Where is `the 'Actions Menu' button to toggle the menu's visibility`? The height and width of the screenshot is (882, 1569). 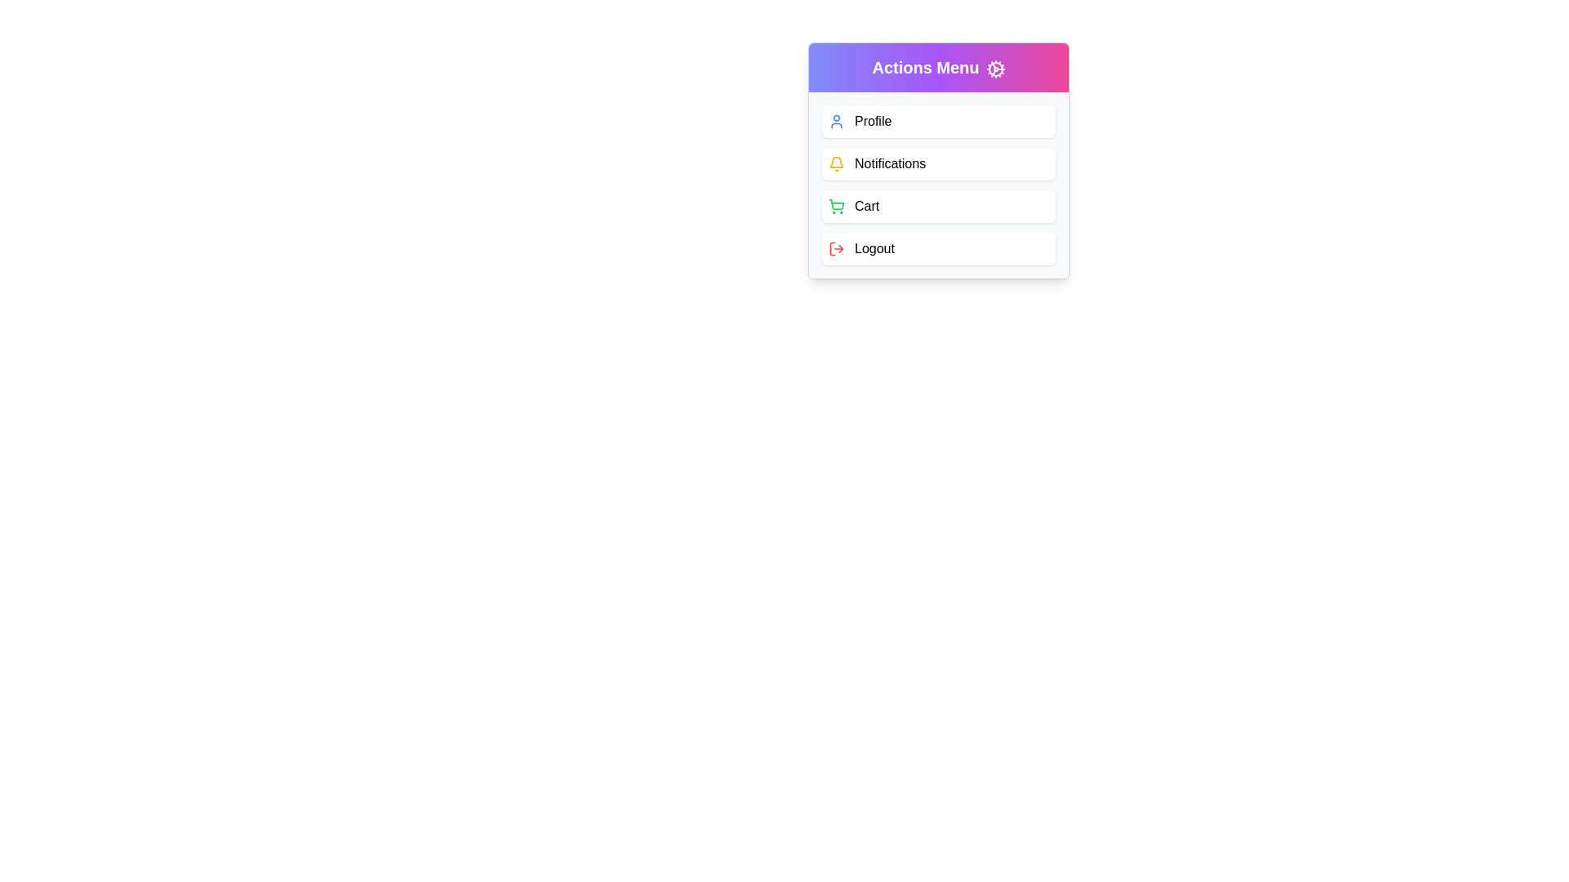 the 'Actions Menu' button to toggle the menu's visibility is located at coordinates (938, 67).